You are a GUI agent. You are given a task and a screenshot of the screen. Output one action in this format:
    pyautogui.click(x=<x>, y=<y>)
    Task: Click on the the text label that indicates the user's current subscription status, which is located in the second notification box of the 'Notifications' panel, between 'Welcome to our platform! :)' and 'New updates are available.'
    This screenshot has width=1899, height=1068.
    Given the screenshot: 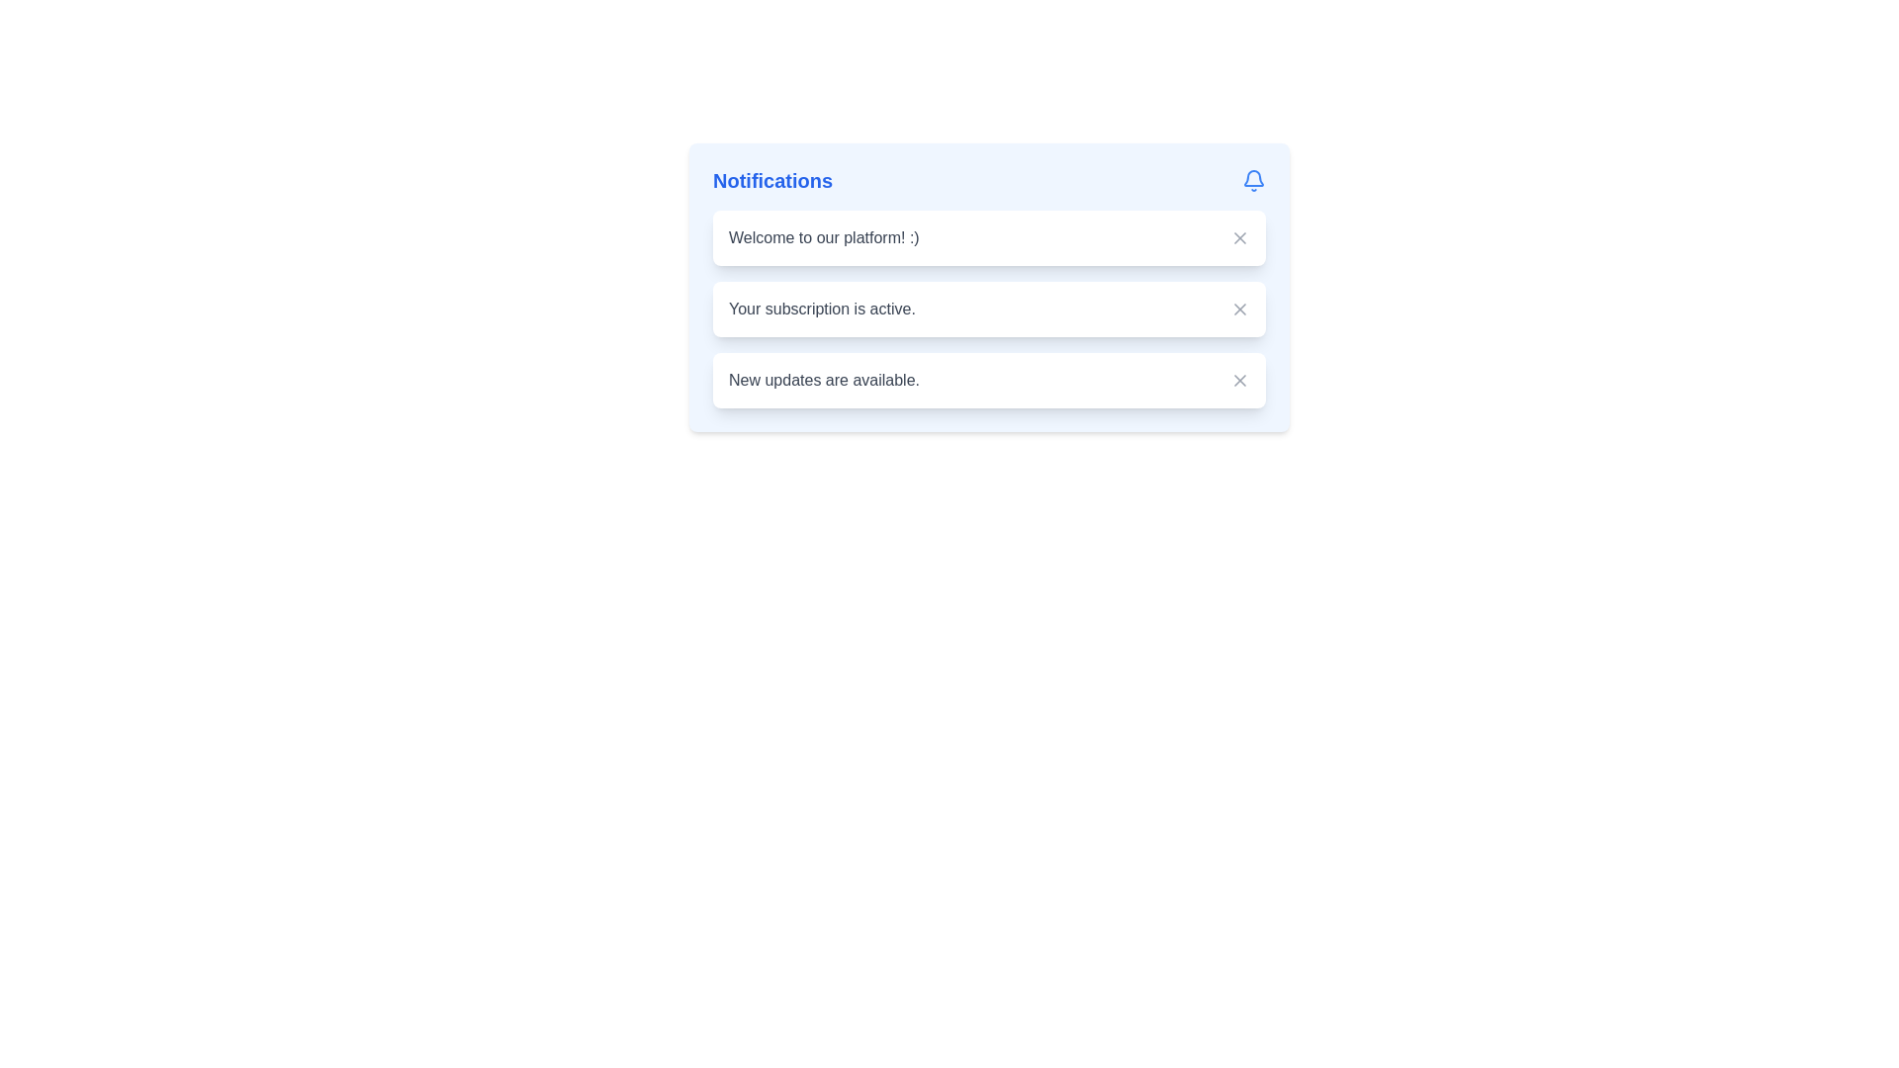 What is the action you would take?
    pyautogui.click(x=822, y=309)
    